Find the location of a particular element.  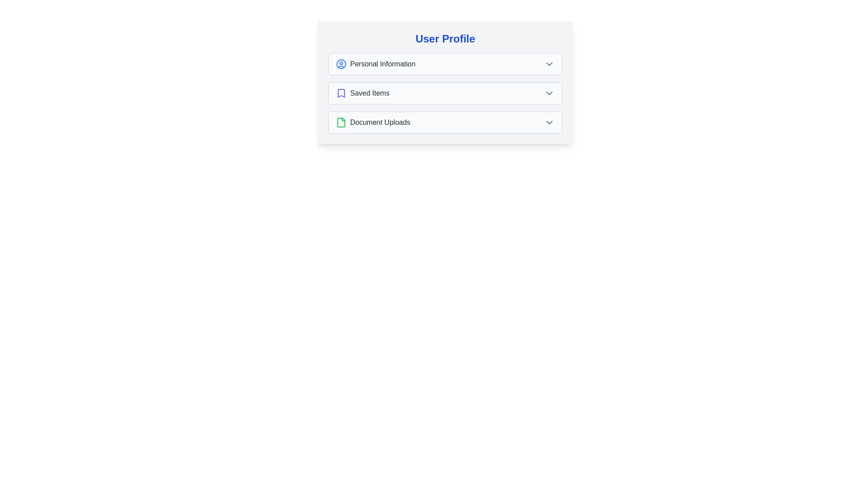

the graphical representation of the 'Personal Information' icon, which is located in the leftmost area of the 'Personal Information' row, preceding the text label 'Personal Information' is located at coordinates (341, 64).